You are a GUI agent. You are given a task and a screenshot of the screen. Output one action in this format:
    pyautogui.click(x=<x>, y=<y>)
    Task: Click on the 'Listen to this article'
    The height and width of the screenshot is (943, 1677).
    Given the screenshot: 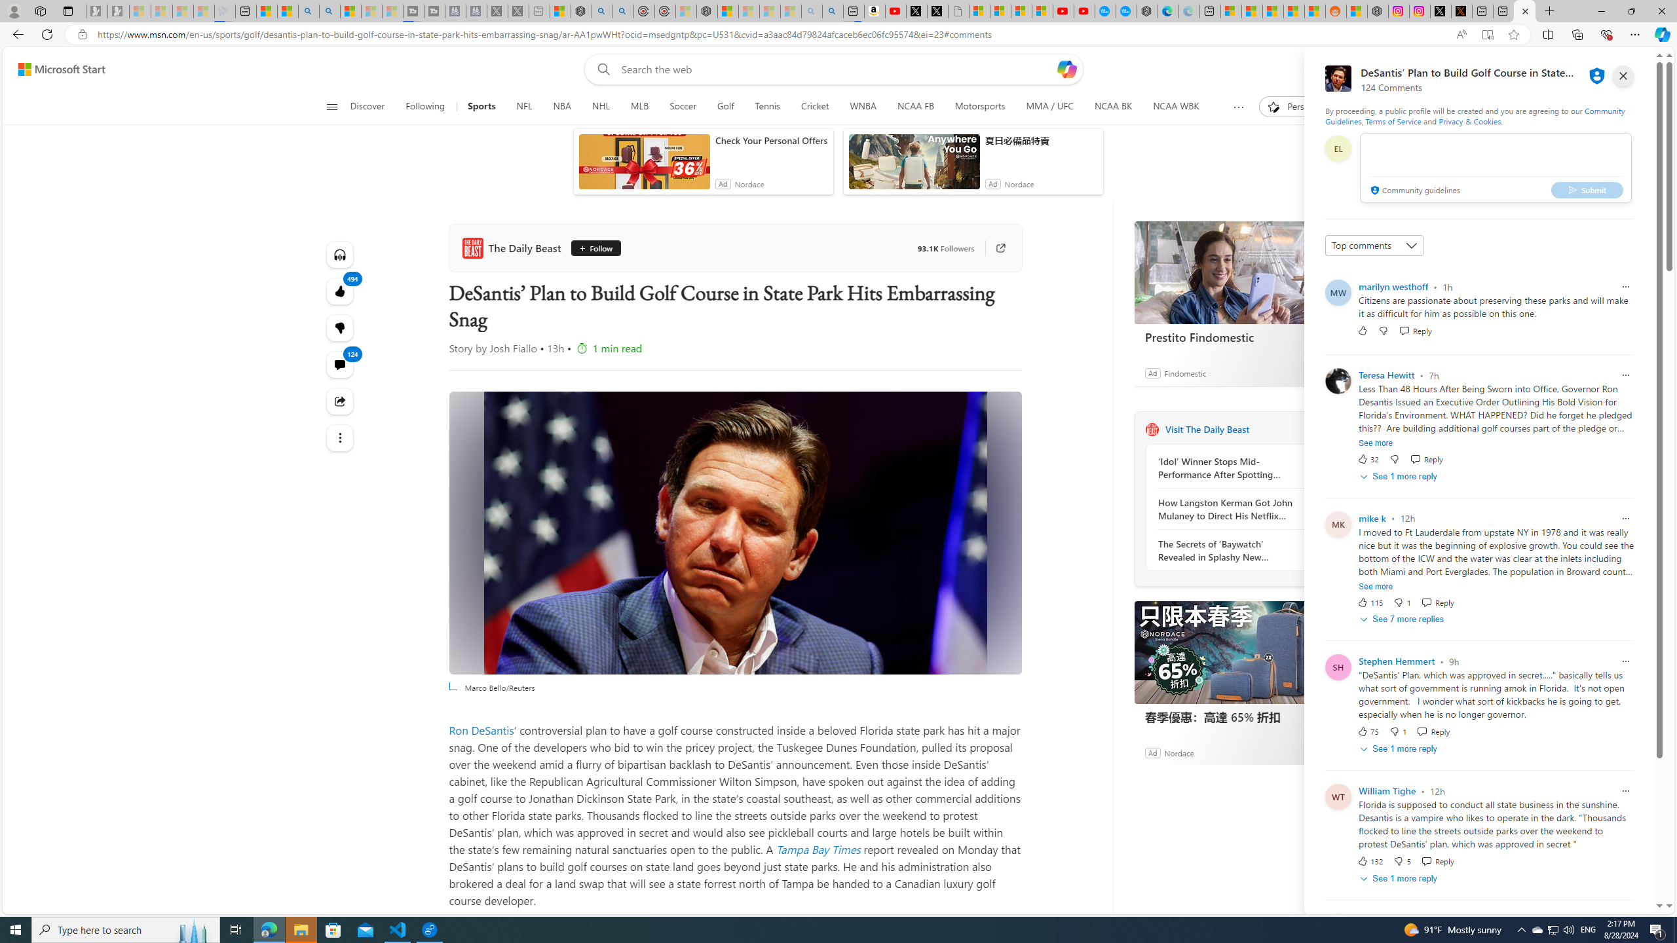 What is the action you would take?
    pyautogui.click(x=339, y=254)
    